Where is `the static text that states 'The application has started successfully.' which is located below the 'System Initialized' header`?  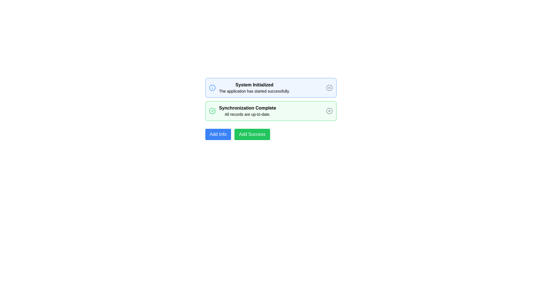 the static text that states 'The application has started successfully.' which is located below the 'System Initialized' header is located at coordinates (254, 91).